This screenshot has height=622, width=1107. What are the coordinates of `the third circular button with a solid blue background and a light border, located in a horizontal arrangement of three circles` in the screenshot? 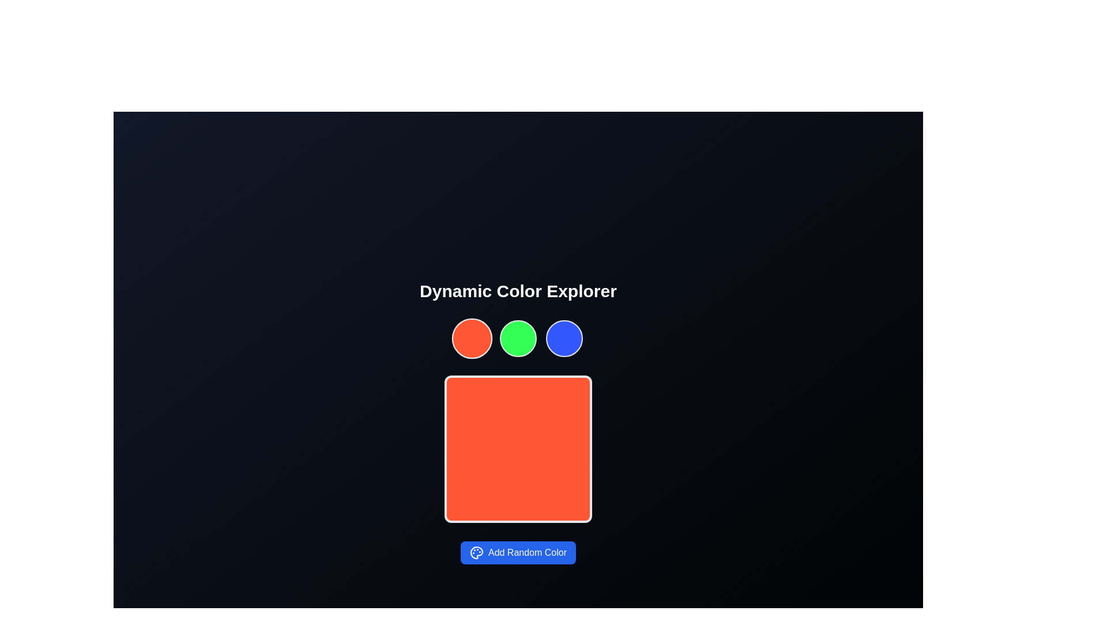 It's located at (564, 337).